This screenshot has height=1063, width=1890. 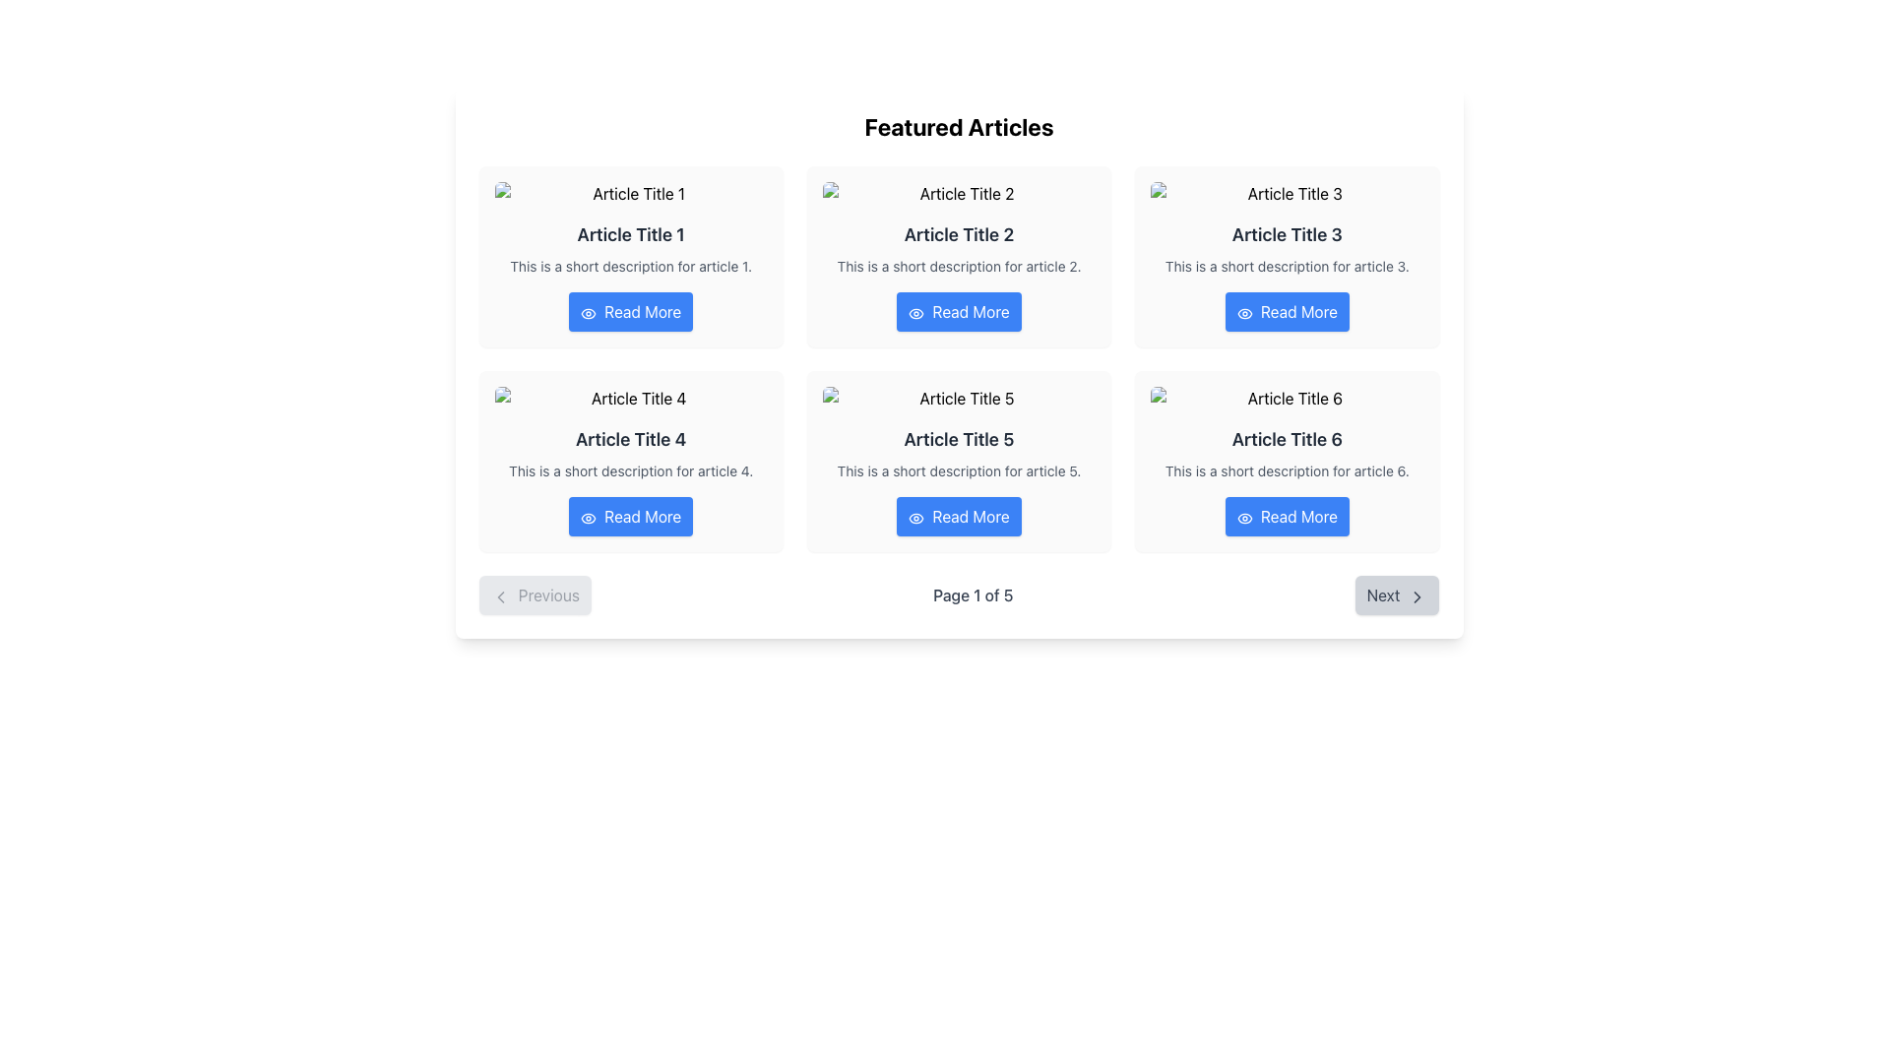 I want to click on the article image by looking at the top of the article teaser card located in the second row and first column of the grid layout, so click(x=631, y=462).